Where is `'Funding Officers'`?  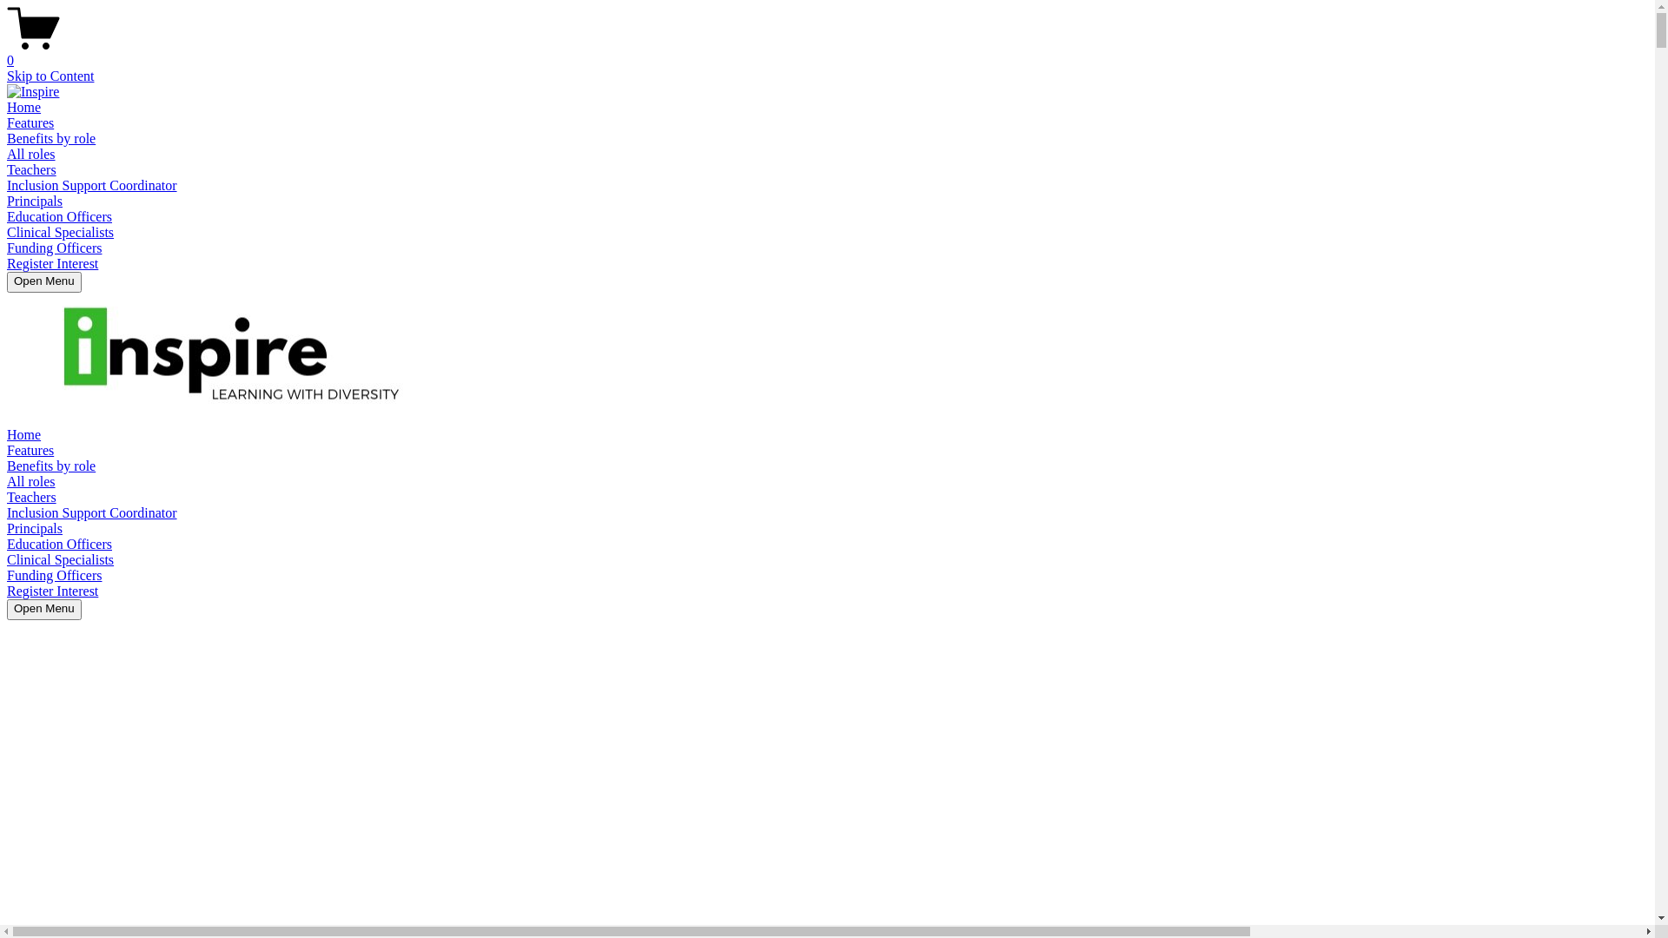
'Funding Officers' is located at coordinates (54, 248).